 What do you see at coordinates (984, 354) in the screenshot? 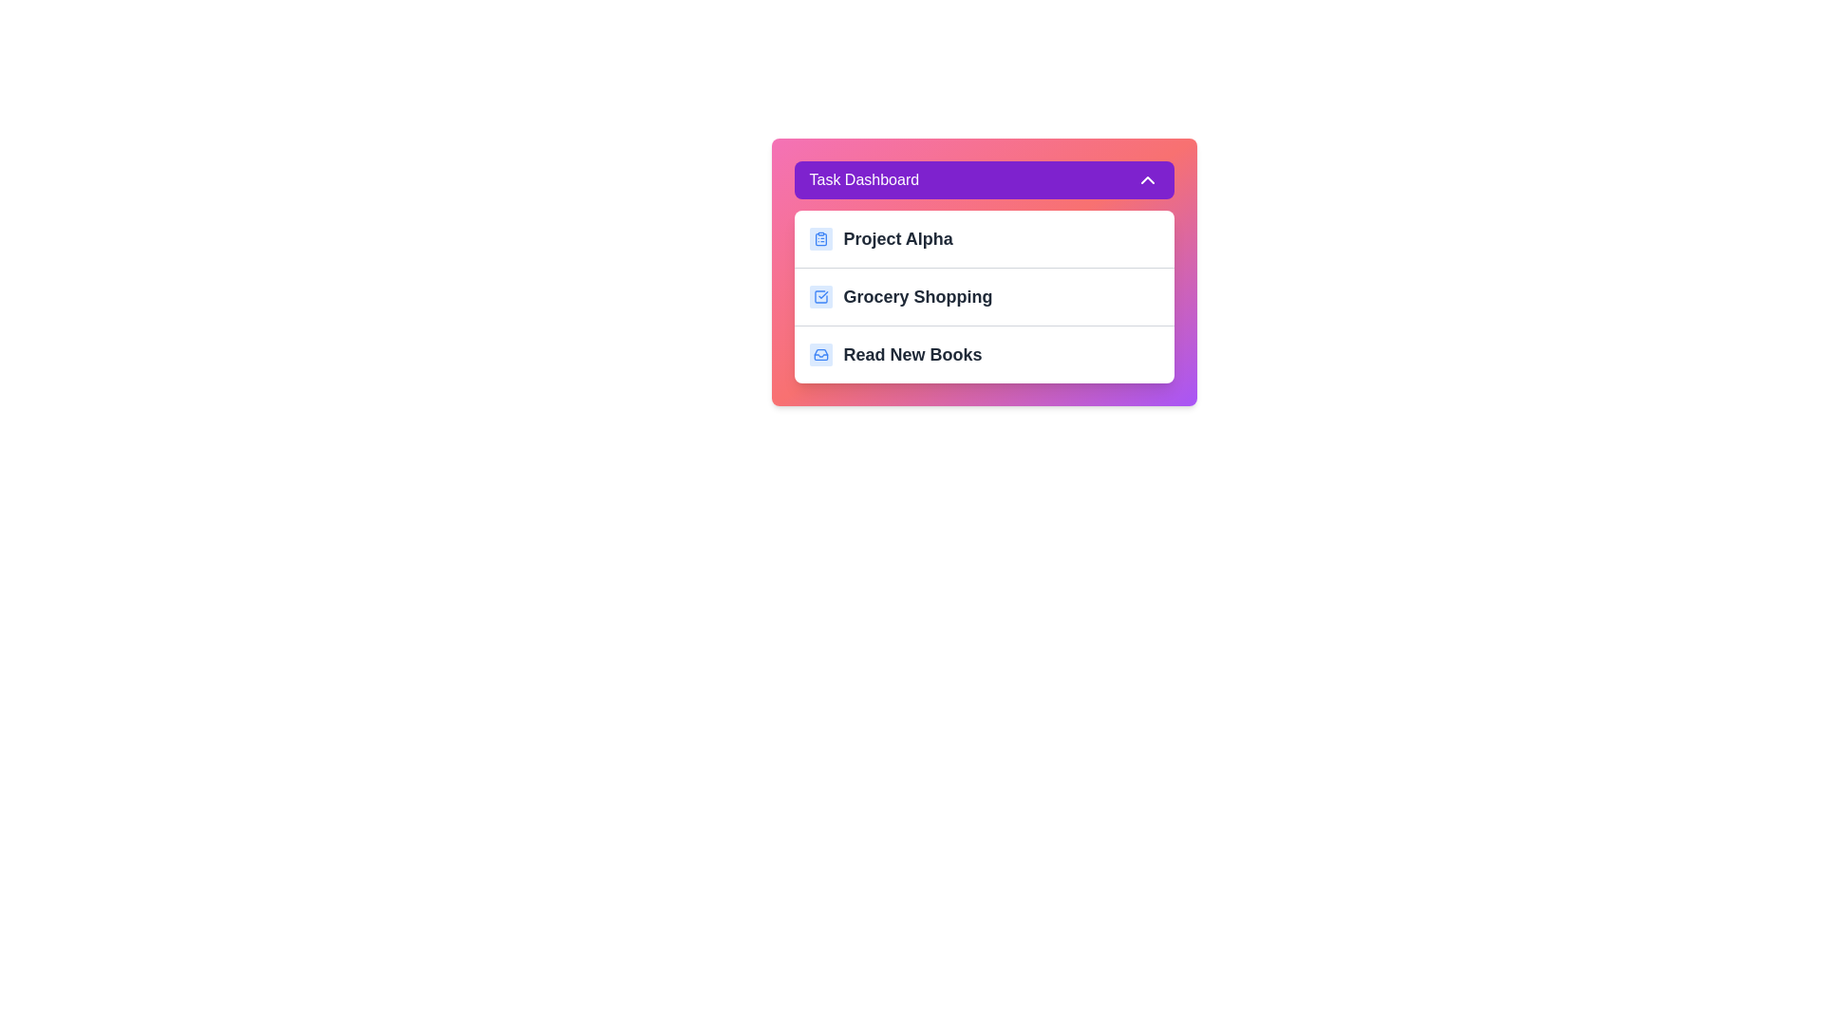
I see `the third list item labeled 'Read New Books' in the vertical menu` at bounding box center [984, 354].